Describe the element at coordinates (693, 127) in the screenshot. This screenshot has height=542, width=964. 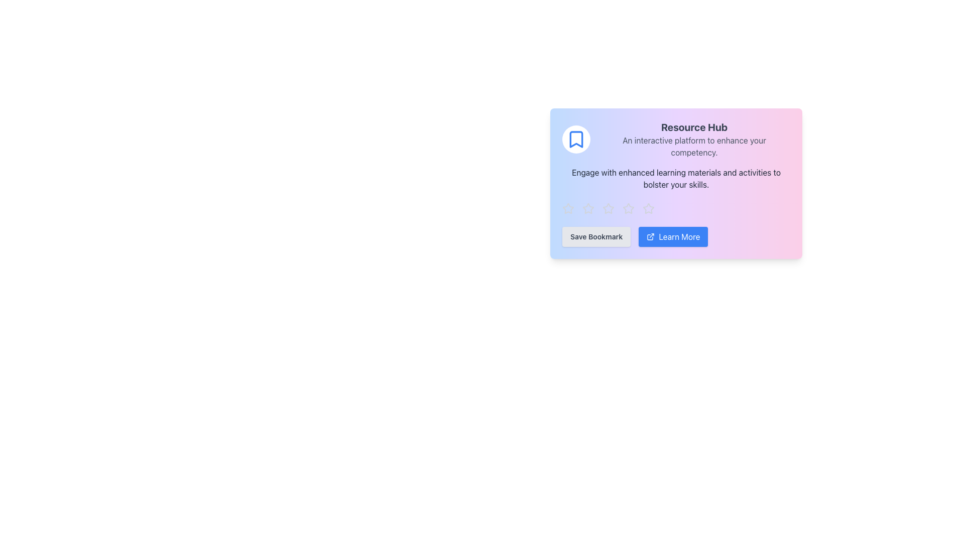
I see `the static text element displaying 'Resource Hub', which is styled in bold and large font, located at the top center of a card component` at that location.